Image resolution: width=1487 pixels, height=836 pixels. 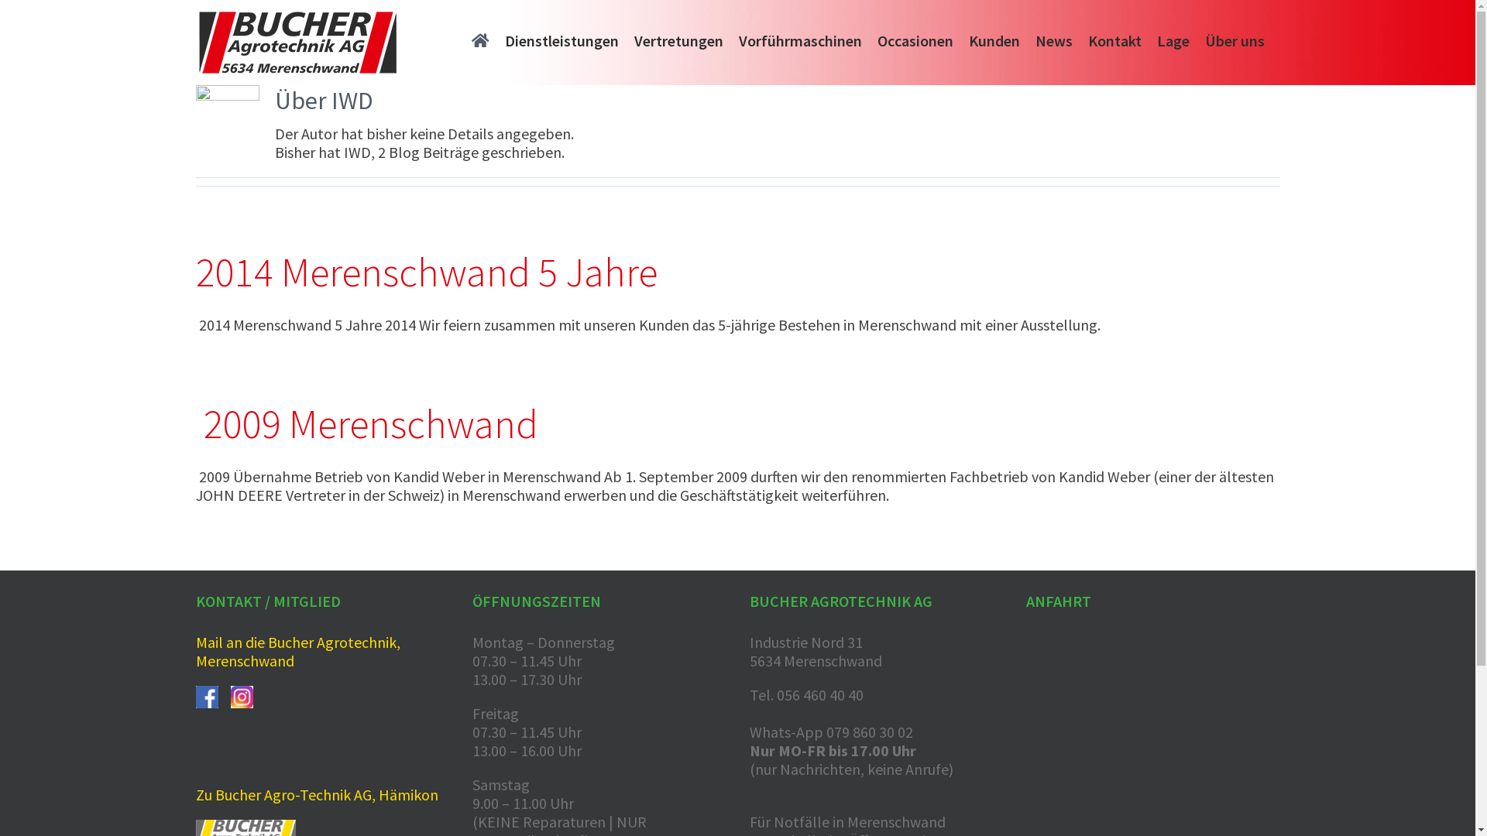 What do you see at coordinates (561, 38) in the screenshot?
I see `'Dienstleistungen'` at bounding box center [561, 38].